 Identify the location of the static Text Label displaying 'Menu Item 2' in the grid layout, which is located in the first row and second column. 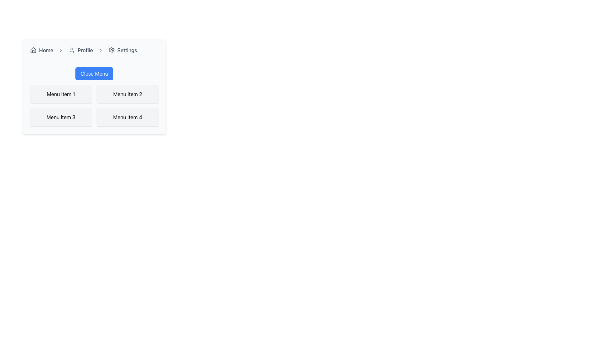
(128, 94).